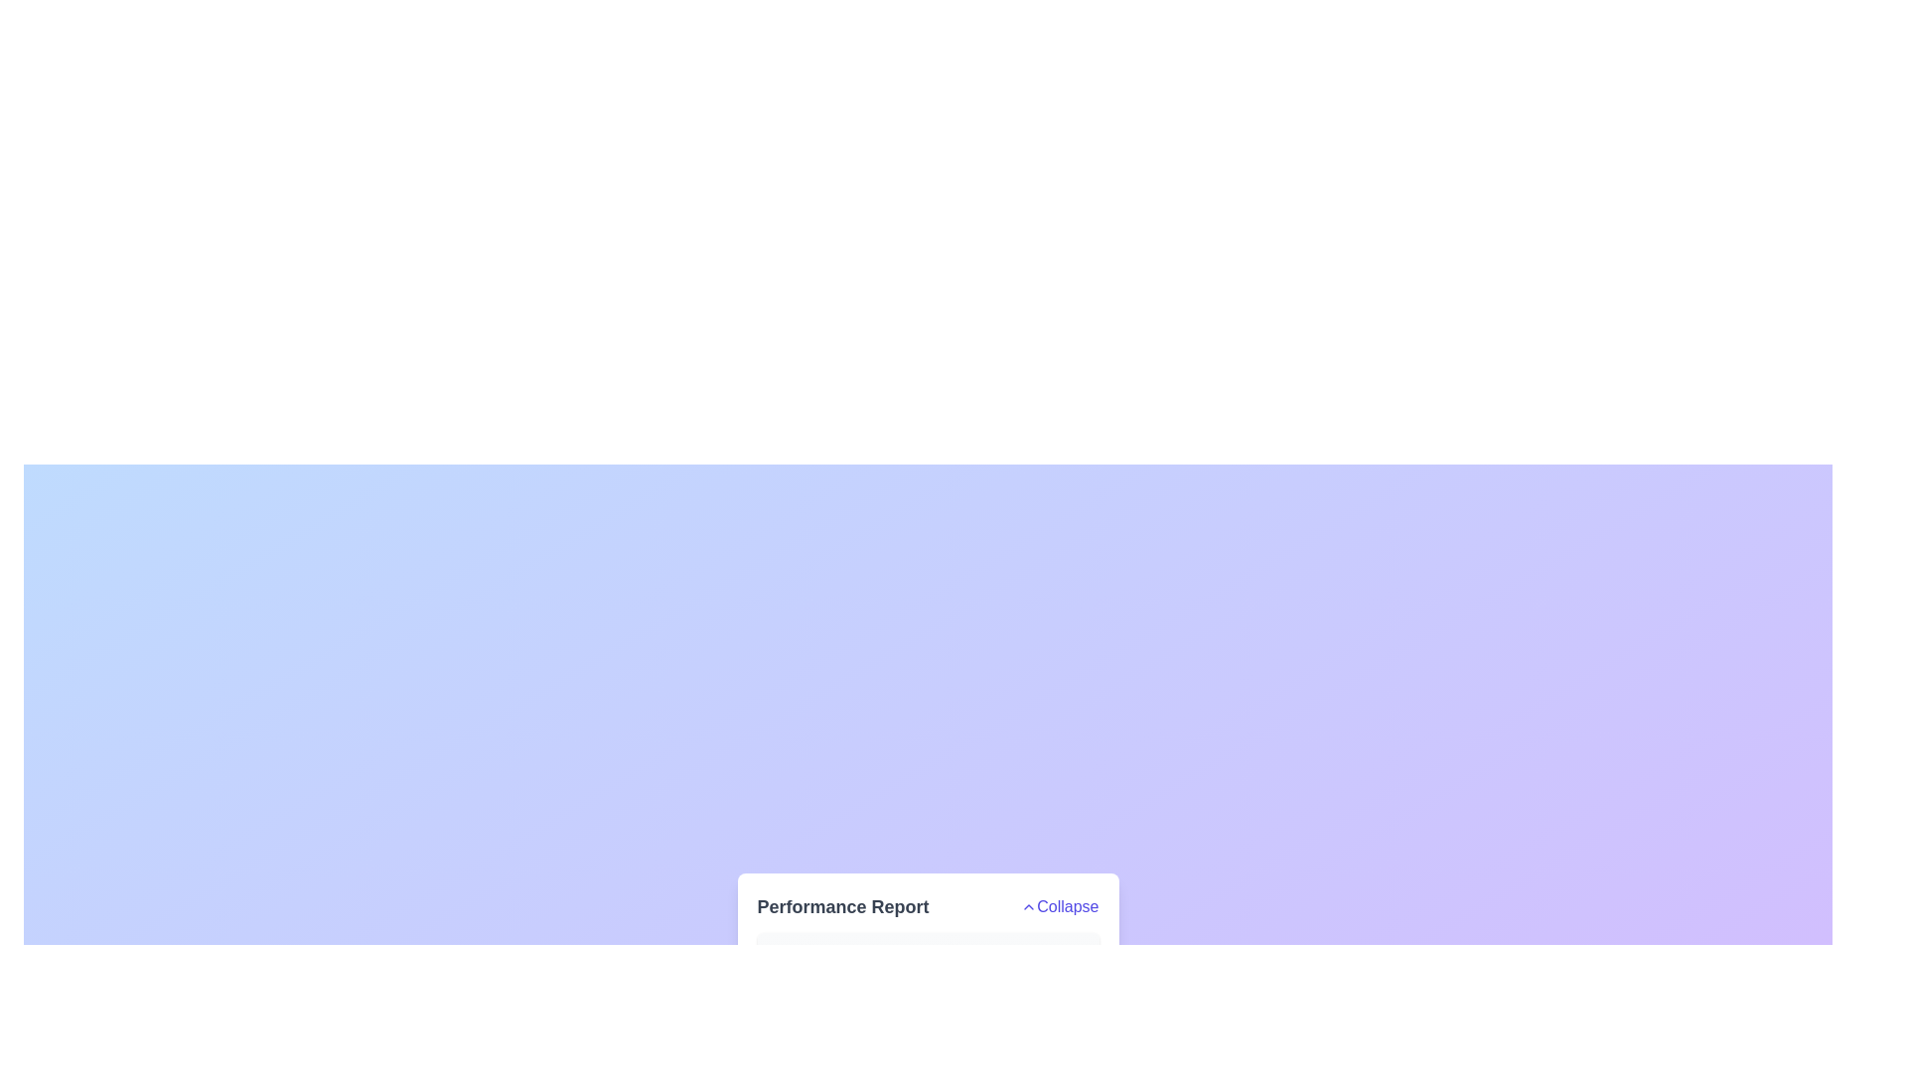 This screenshot has height=1072, width=1907. Describe the element at coordinates (843, 907) in the screenshot. I see `text label that displays 'Performance Report', which is styled in a large, bold, dark gray font and is positioned to the left of the 'Collapse' button` at that location.